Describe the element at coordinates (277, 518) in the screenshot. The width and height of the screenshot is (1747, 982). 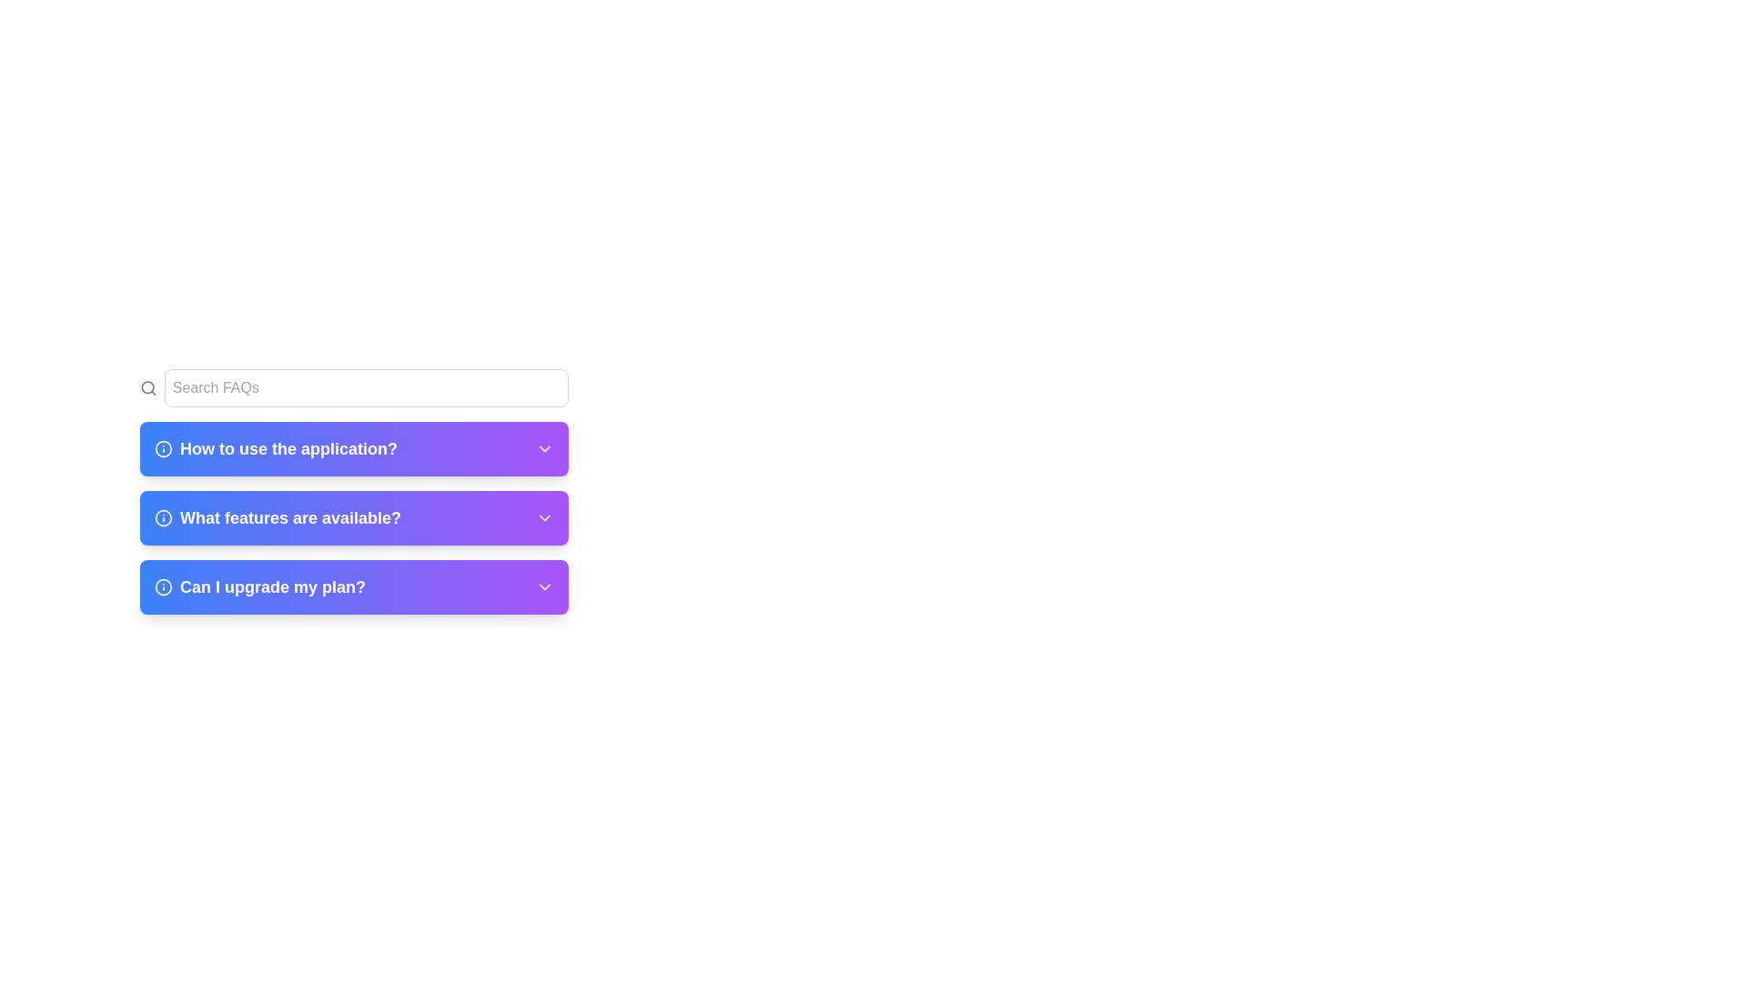
I see `the text label 'What features are available?'` at that location.